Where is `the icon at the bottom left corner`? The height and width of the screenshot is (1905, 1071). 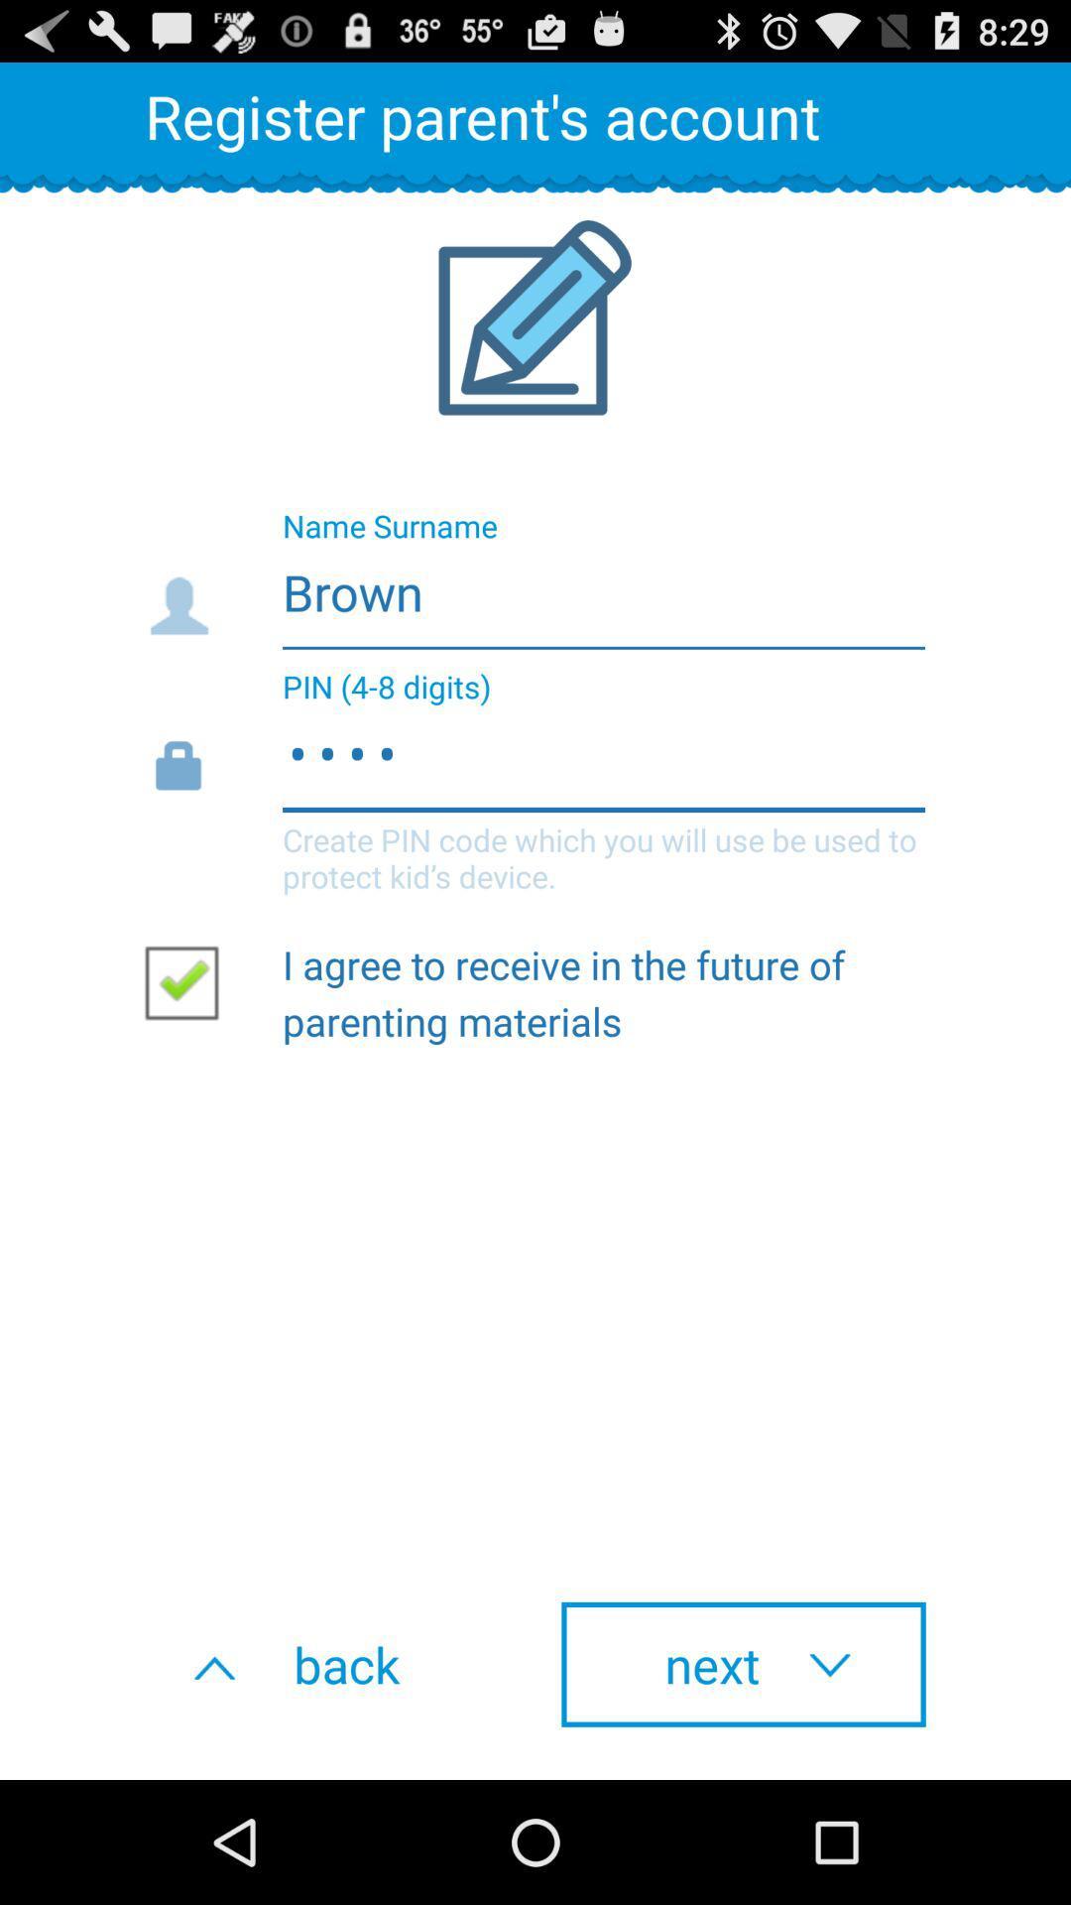
the icon at the bottom left corner is located at coordinates (326, 1664).